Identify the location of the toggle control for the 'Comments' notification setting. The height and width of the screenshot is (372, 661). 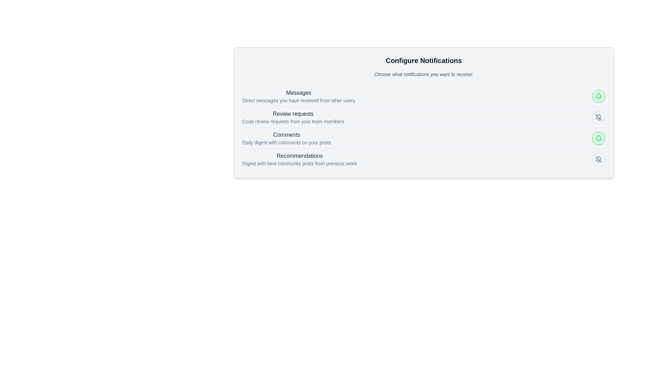
(423, 138).